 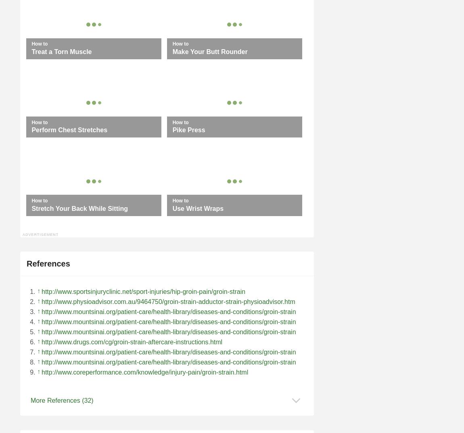 What do you see at coordinates (132, 341) in the screenshot?
I see `'http://www.drugs.com/cg/groin-strain-aftercare-instructions.html'` at bounding box center [132, 341].